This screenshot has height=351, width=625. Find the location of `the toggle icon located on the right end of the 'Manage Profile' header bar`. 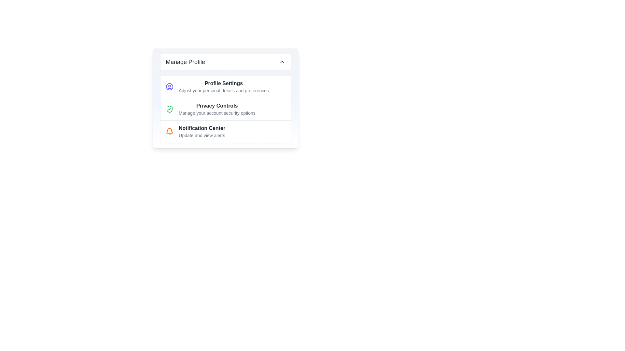

the toggle icon located on the right end of the 'Manage Profile' header bar is located at coordinates (282, 62).